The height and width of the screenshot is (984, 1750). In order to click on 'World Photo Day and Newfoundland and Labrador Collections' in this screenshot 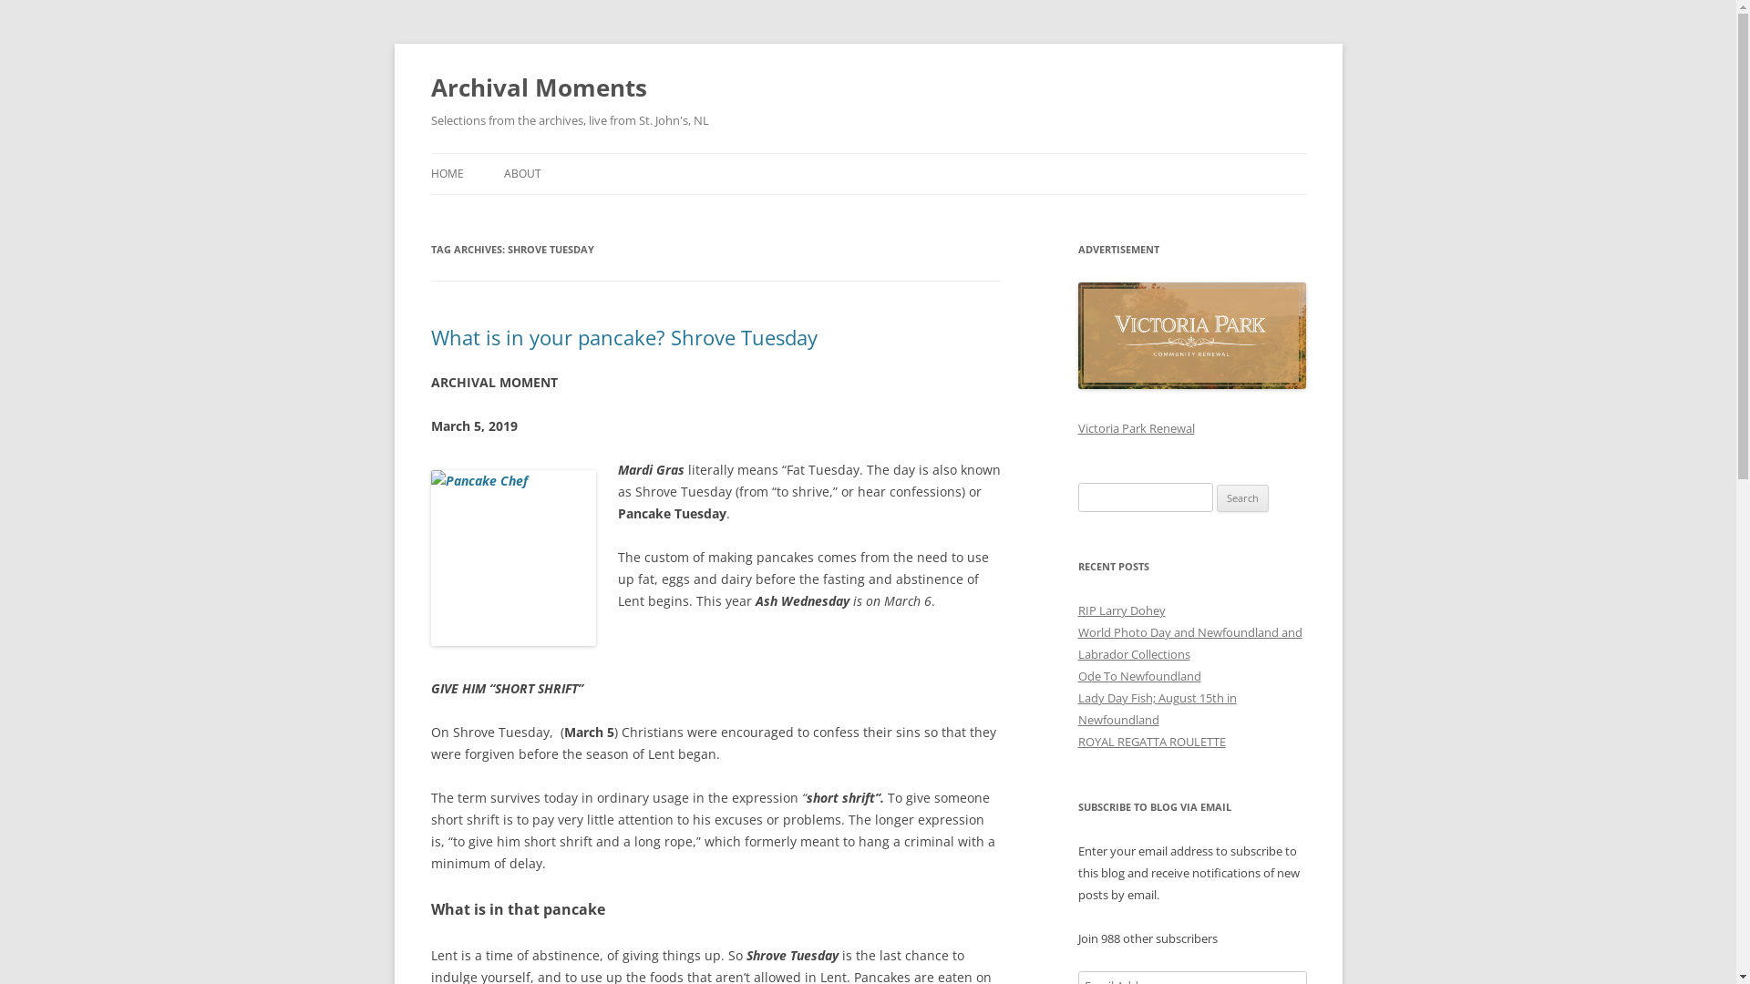, I will do `click(1189, 641)`.